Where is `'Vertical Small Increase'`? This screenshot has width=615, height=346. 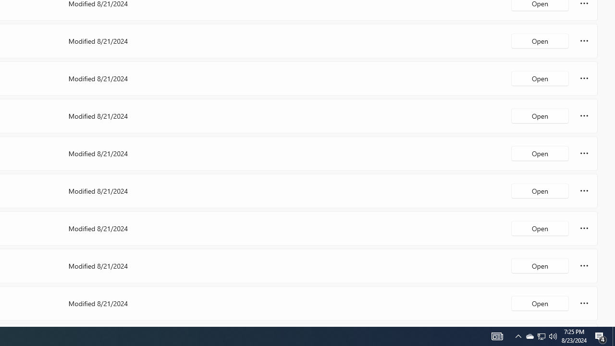
'Vertical Small Increase' is located at coordinates (611, 323).